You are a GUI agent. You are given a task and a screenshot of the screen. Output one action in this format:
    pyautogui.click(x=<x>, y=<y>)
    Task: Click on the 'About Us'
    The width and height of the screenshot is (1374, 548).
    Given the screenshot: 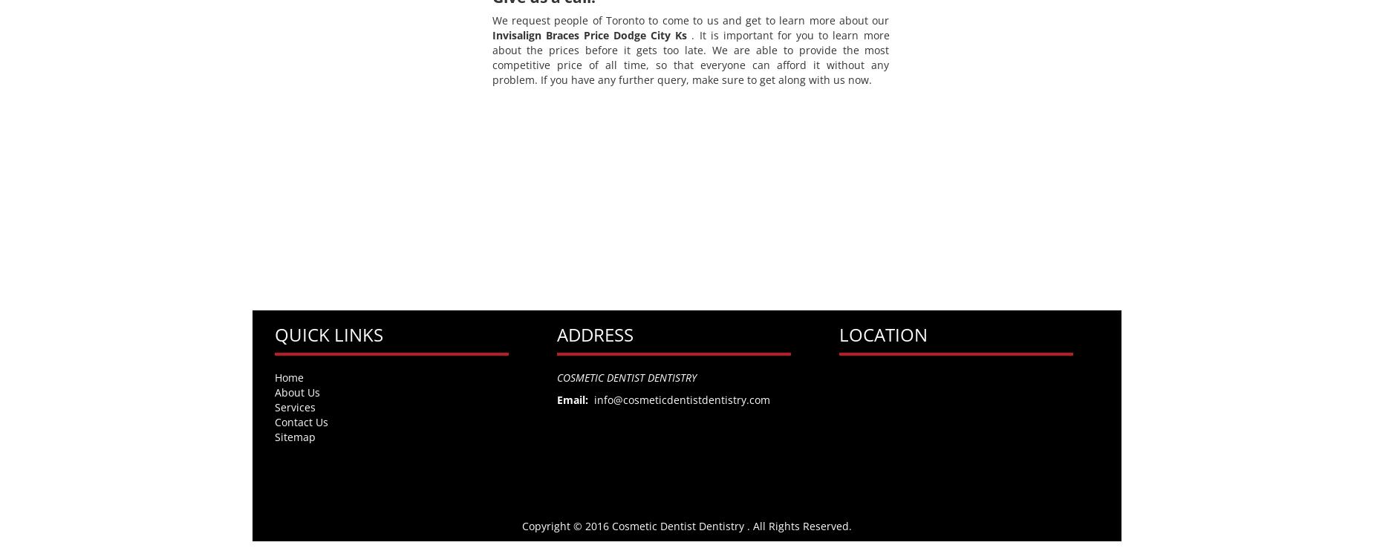 What is the action you would take?
    pyautogui.click(x=296, y=391)
    